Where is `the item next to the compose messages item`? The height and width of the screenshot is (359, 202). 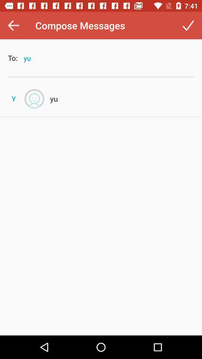
the item next to the compose messages item is located at coordinates (188, 25).